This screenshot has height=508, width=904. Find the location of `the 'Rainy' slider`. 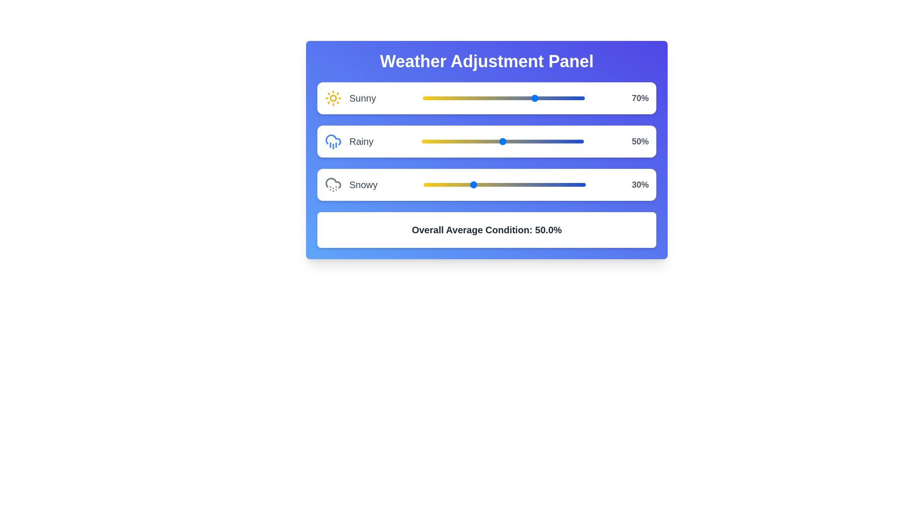

the 'Rainy' slider is located at coordinates (508, 141).